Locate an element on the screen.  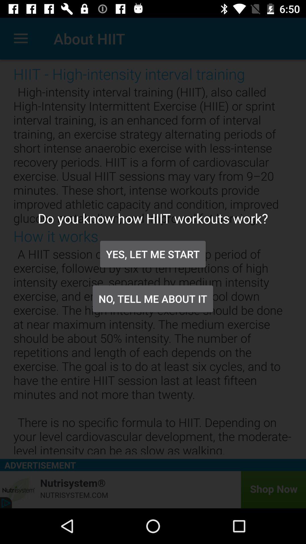
icon below the yes let me is located at coordinates (152, 298).